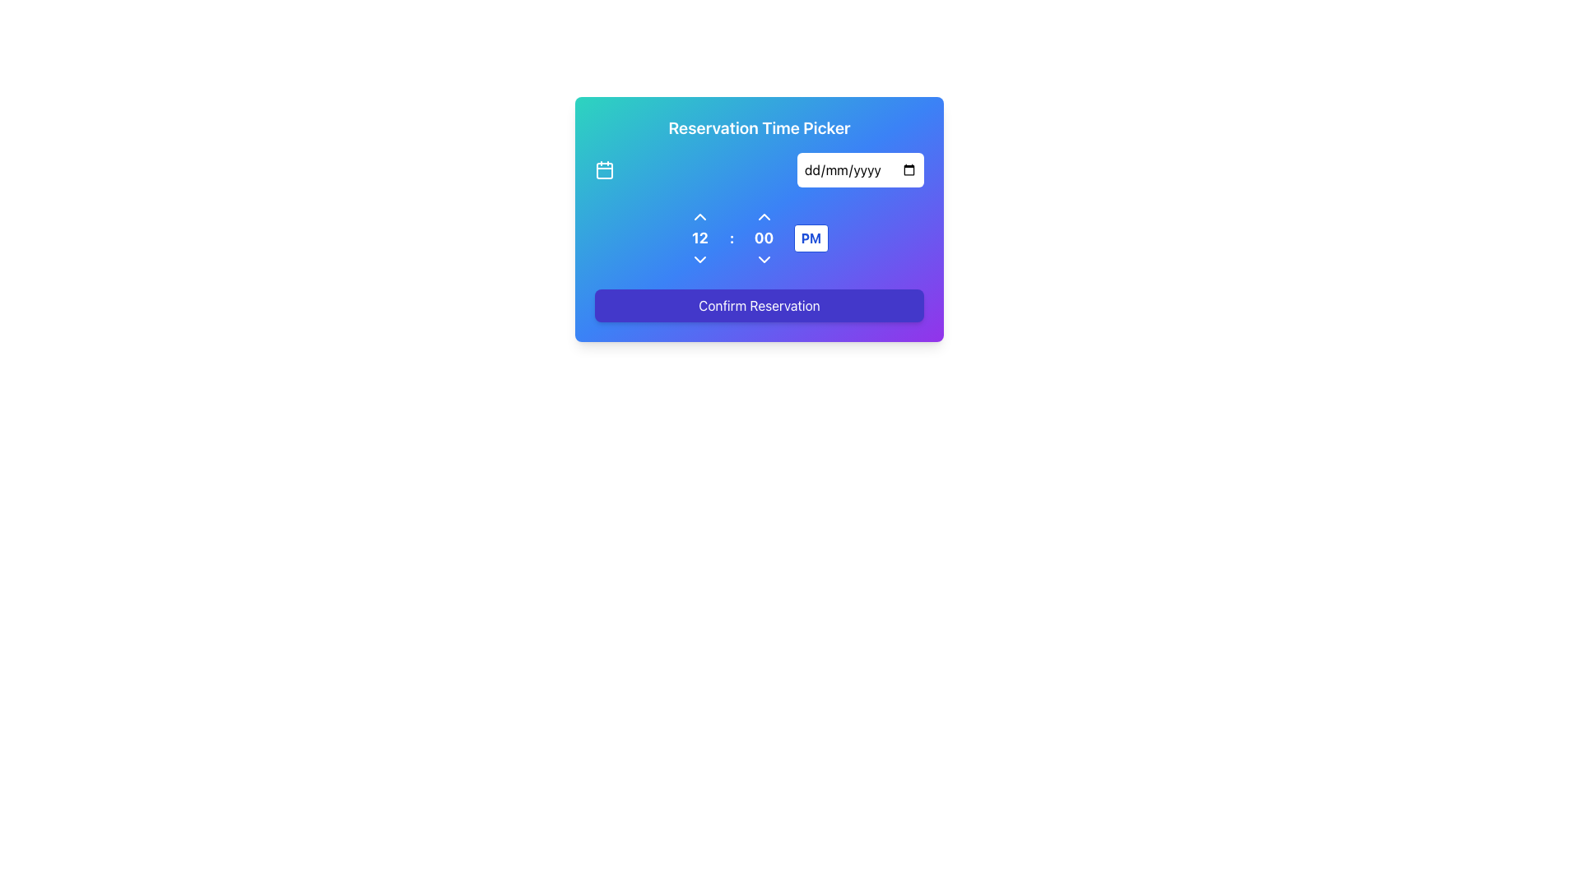  I want to click on the stylized calendar icon located on the left side of the 'Reservation Time Picker' interface, which has a white outline and transparent background, so click(603, 170).